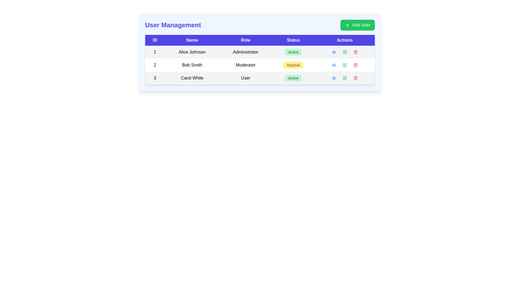 The image size is (520, 292). What do you see at coordinates (293, 52) in the screenshot?
I see `the 'Active' badge, which is a rectangular box with rounded corners, light green background, and darker green text, located in the 'Status' column of the first row of the table` at bounding box center [293, 52].